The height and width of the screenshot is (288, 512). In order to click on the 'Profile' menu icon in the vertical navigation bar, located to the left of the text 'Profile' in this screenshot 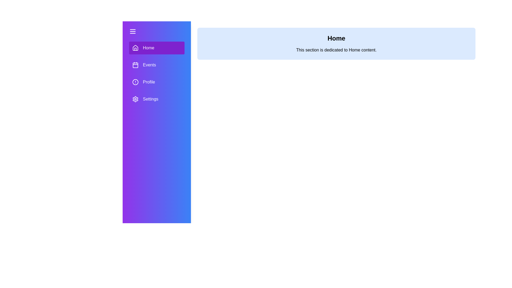, I will do `click(135, 82)`.